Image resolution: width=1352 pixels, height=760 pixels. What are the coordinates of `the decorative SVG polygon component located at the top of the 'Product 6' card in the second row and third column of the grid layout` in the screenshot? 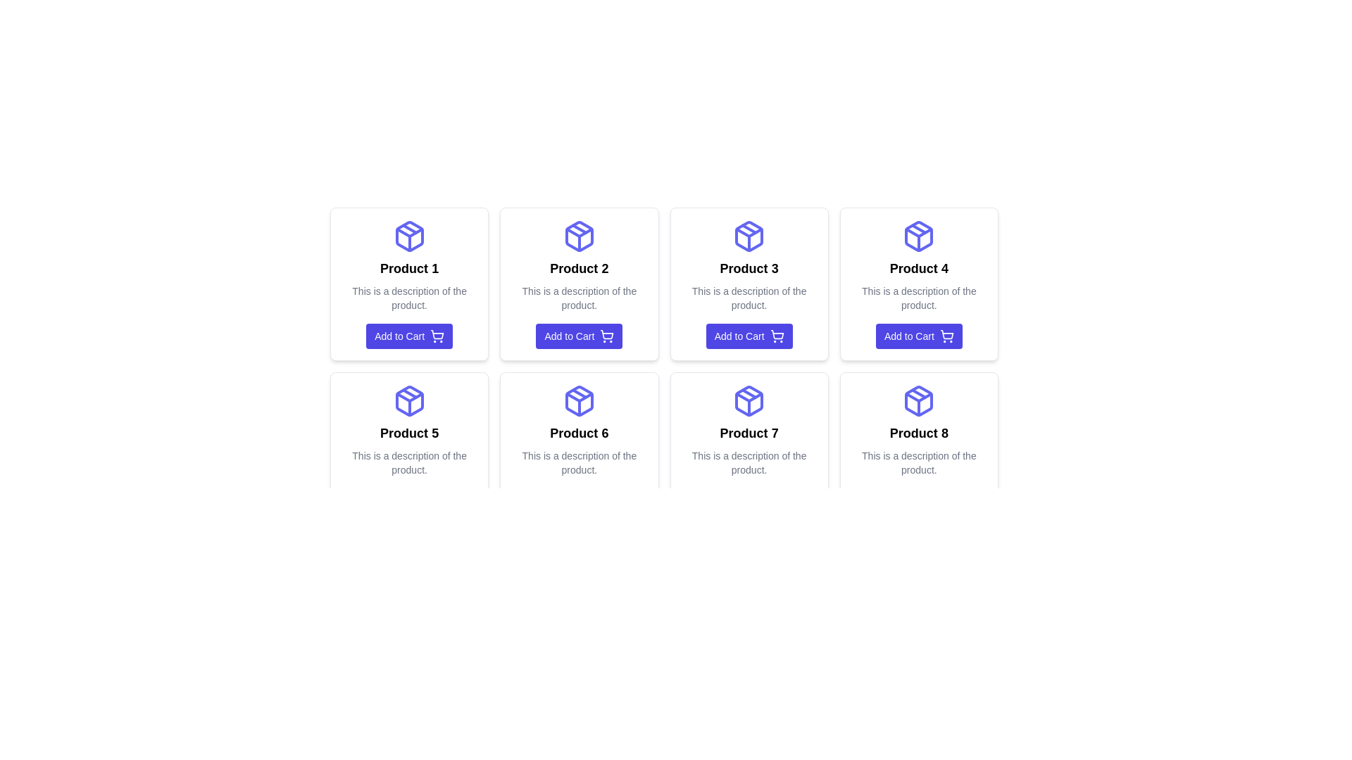 It's located at (579, 397).